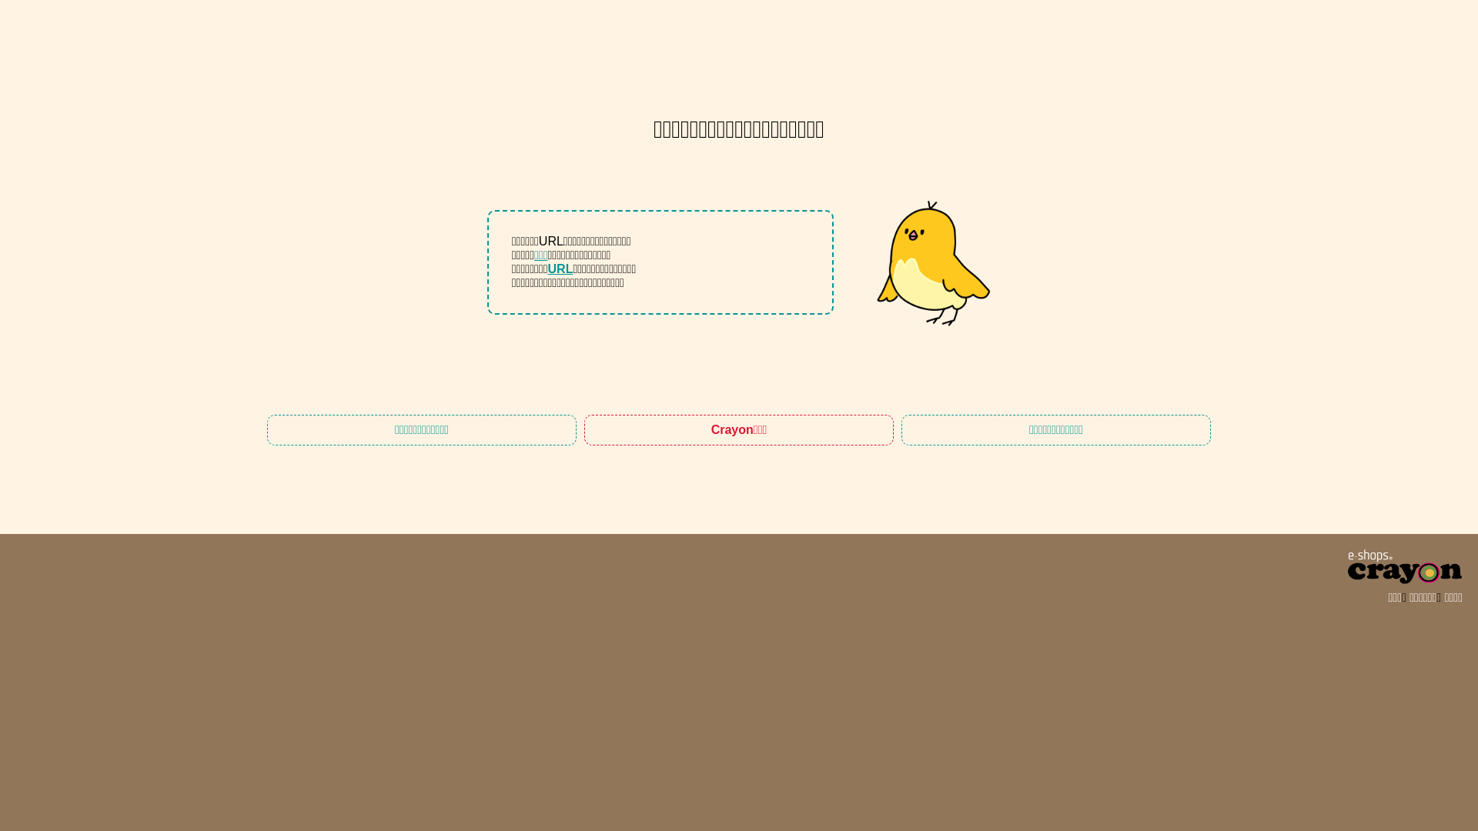  Describe the element at coordinates (547, 268) in the screenshot. I see `'URL'` at that location.